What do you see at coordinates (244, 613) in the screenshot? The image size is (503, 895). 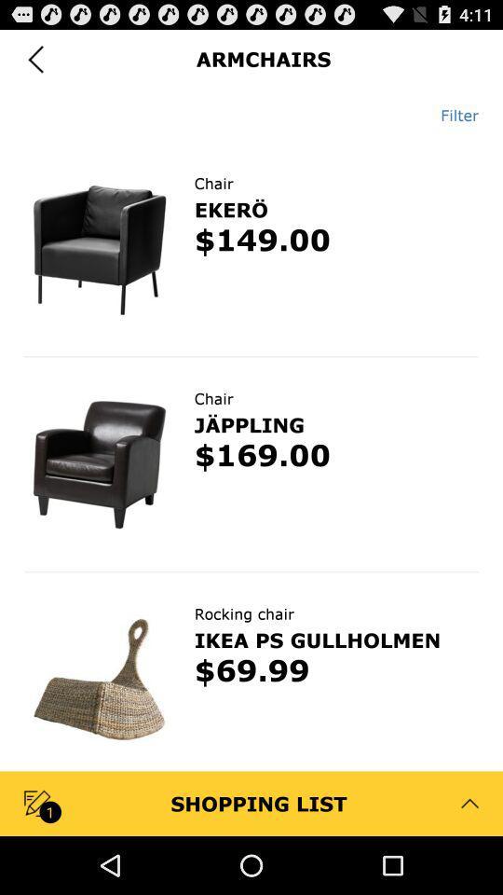 I see `rocking chair app` at bounding box center [244, 613].